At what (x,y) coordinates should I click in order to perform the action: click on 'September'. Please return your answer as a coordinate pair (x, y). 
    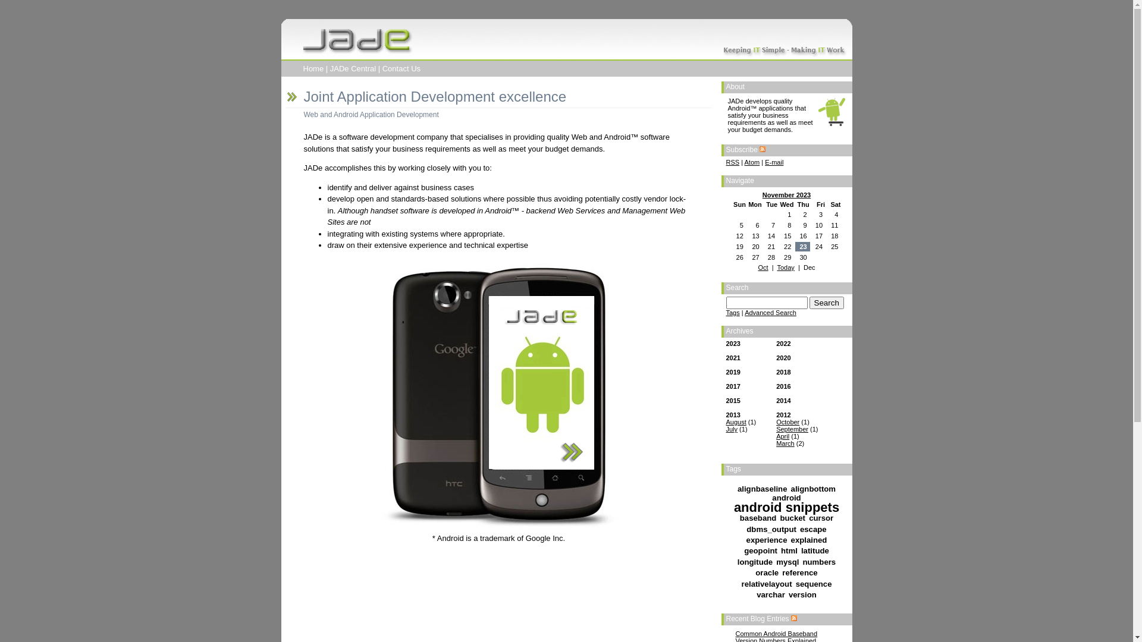
    Looking at the image, I should click on (792, 429).